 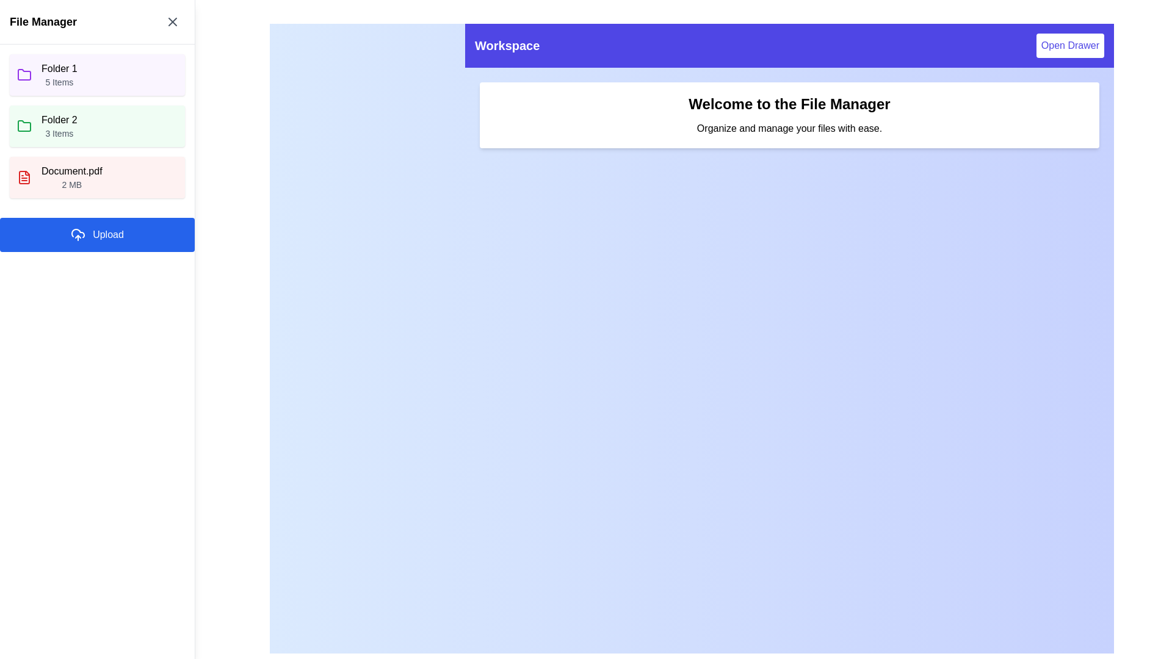 What do you see at coordinates (507, 45) in the screenshot?
I see `title displayed in the bold text label 'Workspace' located at the top left of the interface, which has a vibrant indigo background` at bounding box center [507, 45].